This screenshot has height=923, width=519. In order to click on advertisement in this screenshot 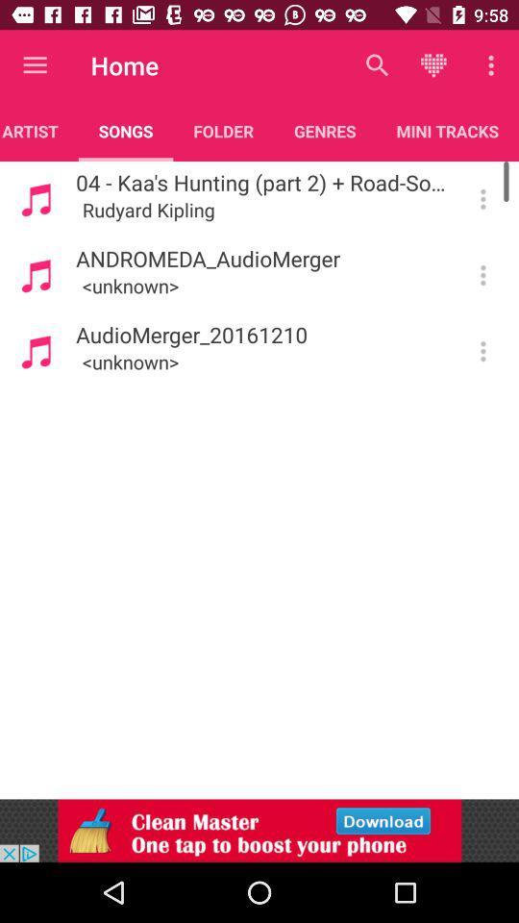, I will do `click(259, 830)`.